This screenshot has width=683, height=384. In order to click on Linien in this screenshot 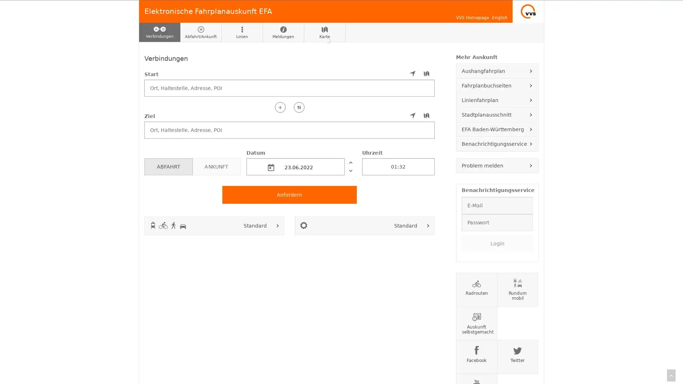, I will do `click(242, 32)`.